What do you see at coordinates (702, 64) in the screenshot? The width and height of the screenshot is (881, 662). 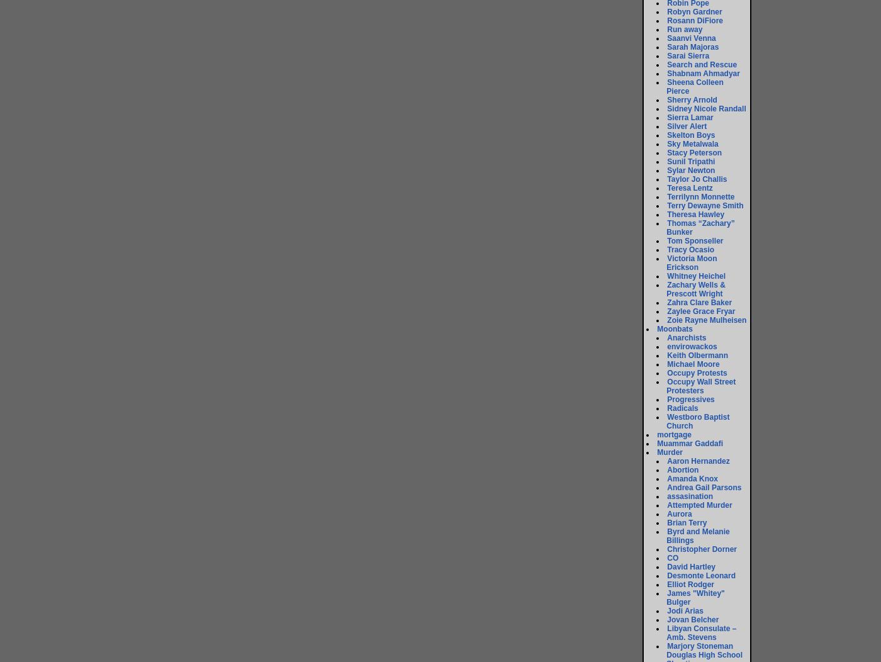 I see `'Search and Rescue'` at bounding box center [702, 64].